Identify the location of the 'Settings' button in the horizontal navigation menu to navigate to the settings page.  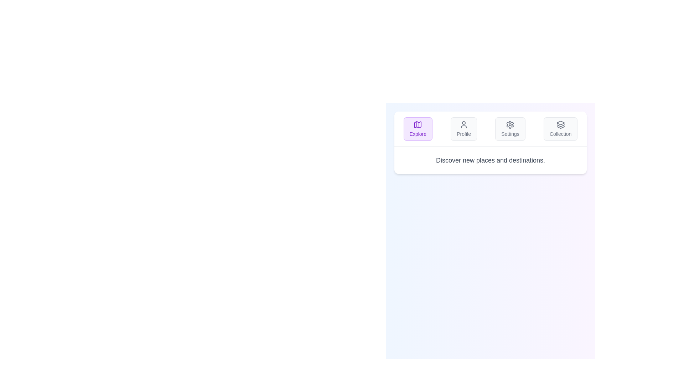
(490, 129).